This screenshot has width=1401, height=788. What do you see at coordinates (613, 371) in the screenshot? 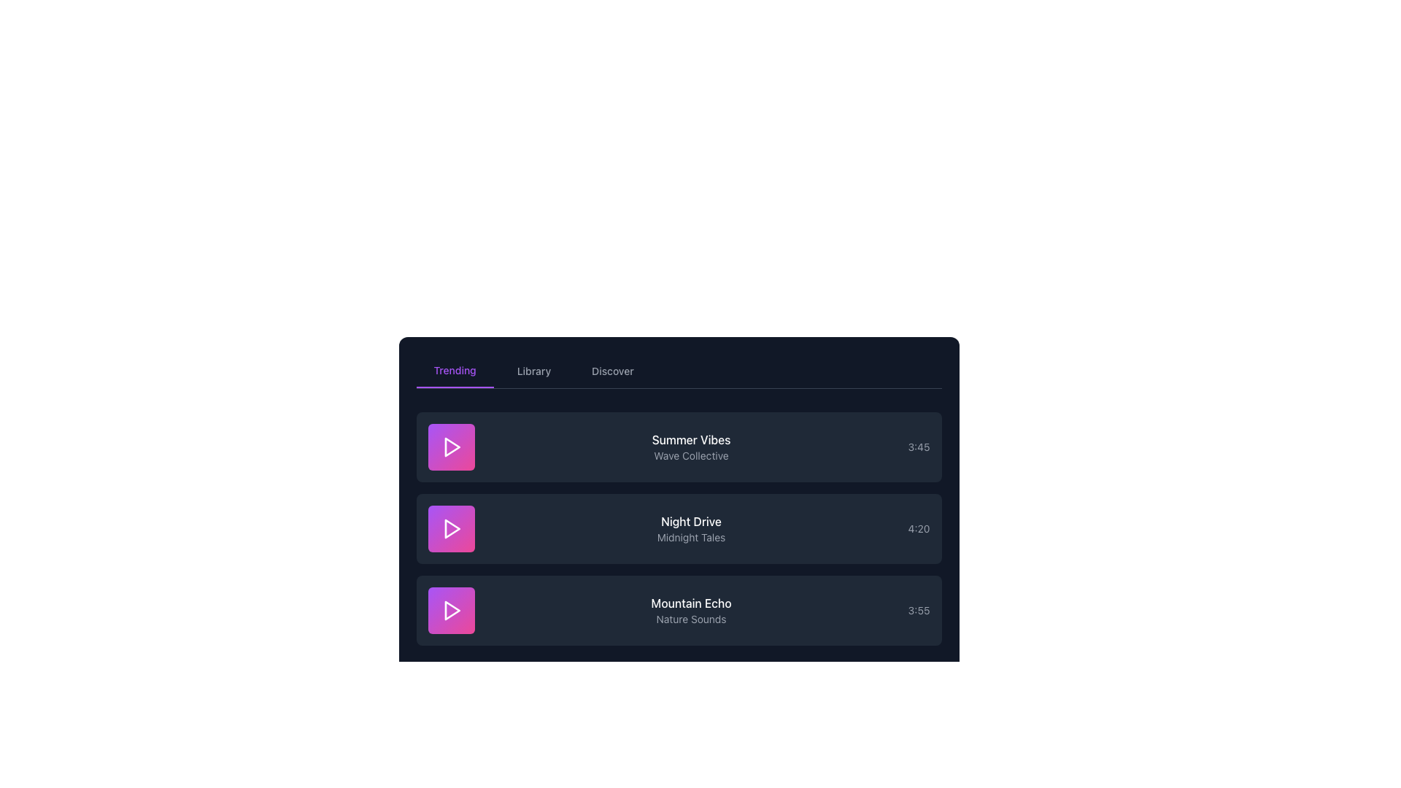
I see `the 'Discover' navigation tab, the third tab in the horizontal navigation bar` at bounding box center [613, 371].